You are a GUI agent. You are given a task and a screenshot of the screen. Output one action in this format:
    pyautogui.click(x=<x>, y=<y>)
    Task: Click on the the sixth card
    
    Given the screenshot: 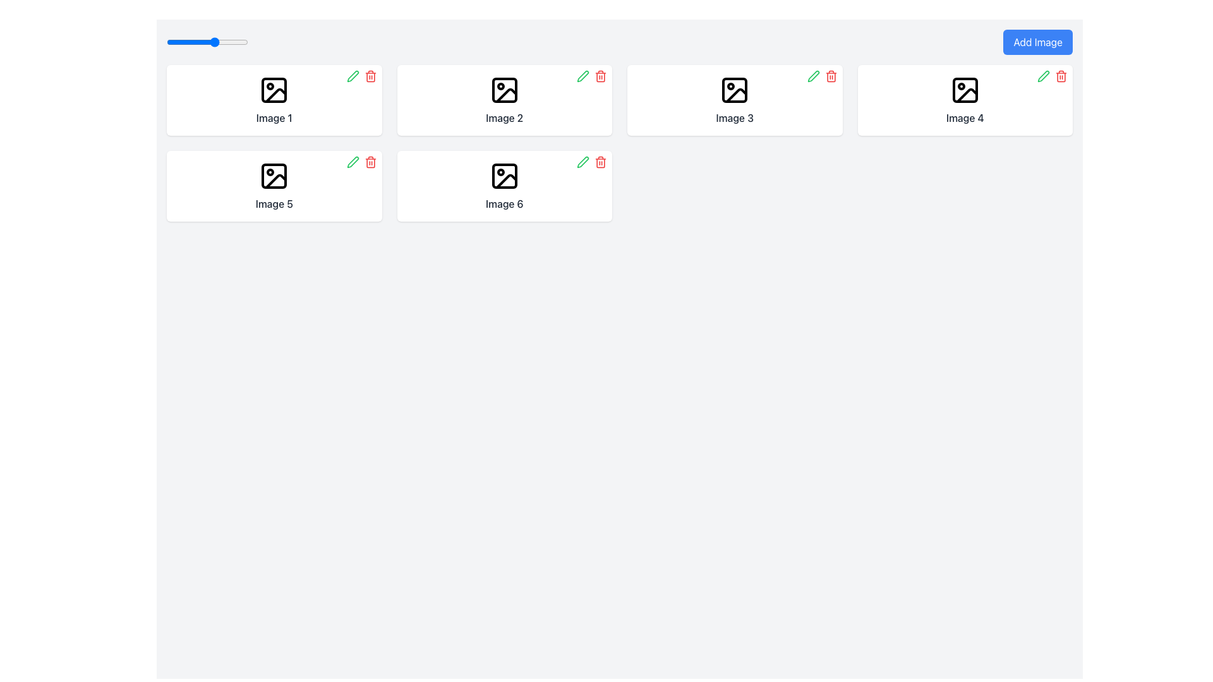 What is the action you would take?
    pyautogui.click(x=504, y=186)
    